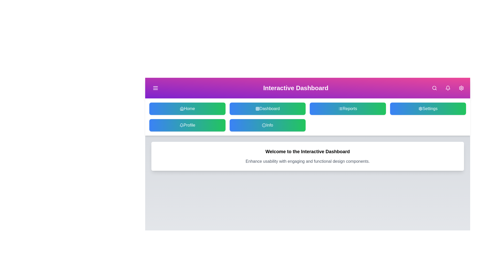  I want to click on the Info button to navigate to the respective section, so click(267, 125).